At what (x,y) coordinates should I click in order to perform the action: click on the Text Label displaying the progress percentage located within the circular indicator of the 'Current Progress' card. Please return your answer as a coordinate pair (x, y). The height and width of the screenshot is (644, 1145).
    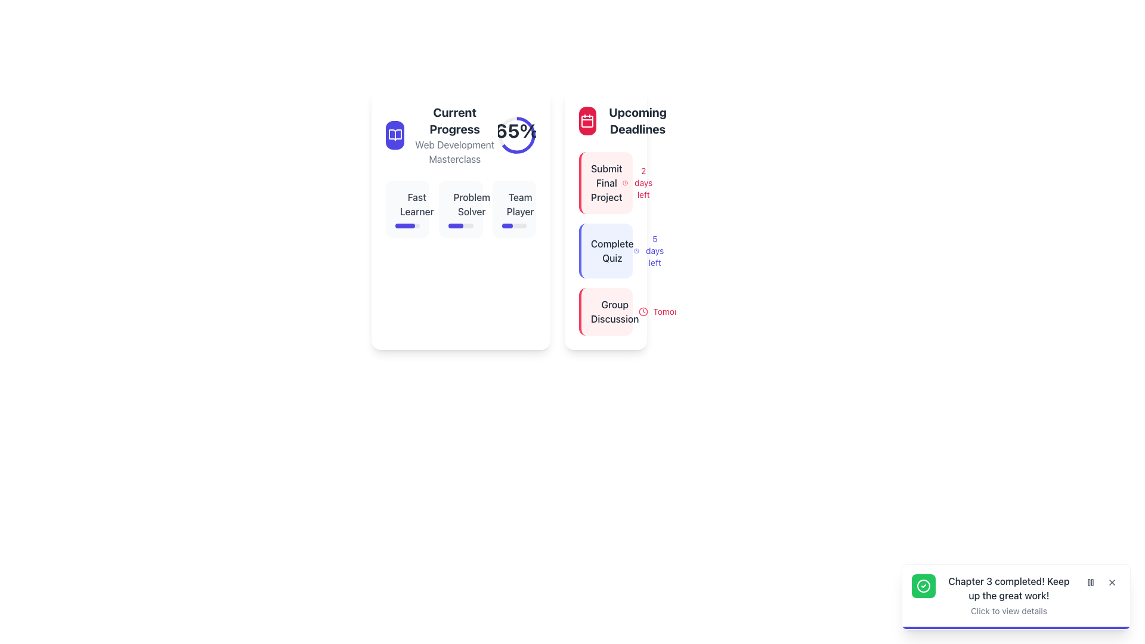
    Looking at the image, I should click on (517, 131).